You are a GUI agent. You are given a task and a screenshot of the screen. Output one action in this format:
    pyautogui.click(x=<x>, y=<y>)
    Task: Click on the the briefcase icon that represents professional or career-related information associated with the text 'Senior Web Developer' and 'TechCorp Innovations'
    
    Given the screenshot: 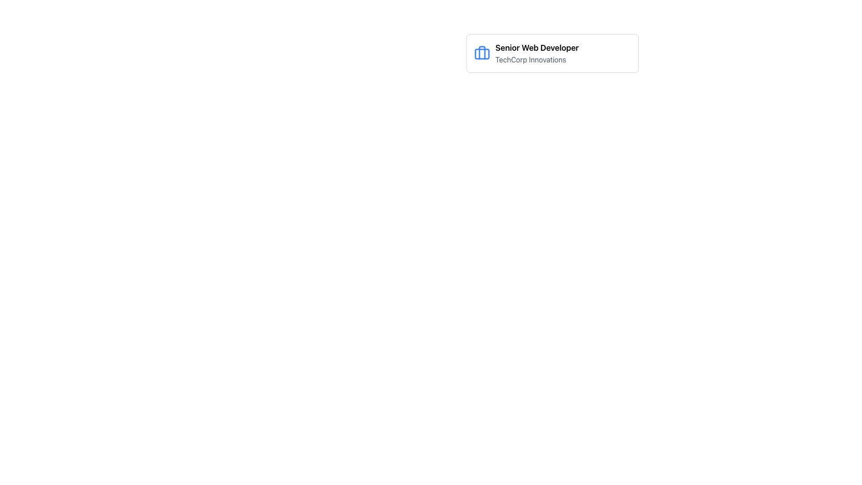 What is the action you would take?
    pyautogui.click(x=481, y=53)
    